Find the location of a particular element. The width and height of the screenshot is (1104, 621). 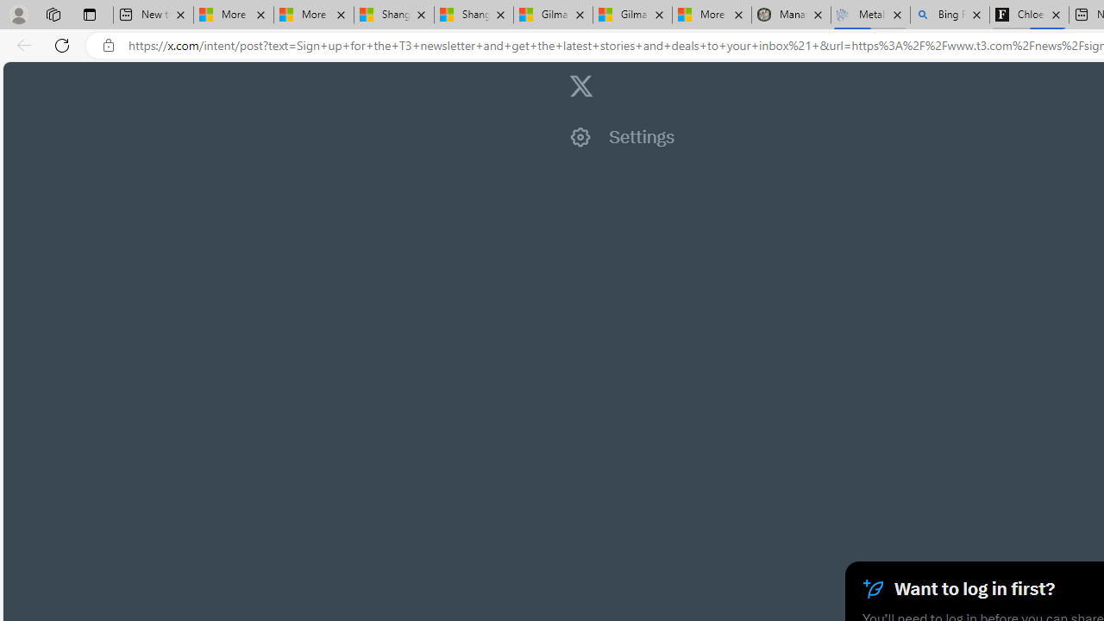

'Back' is located at coordinates (21, 44).